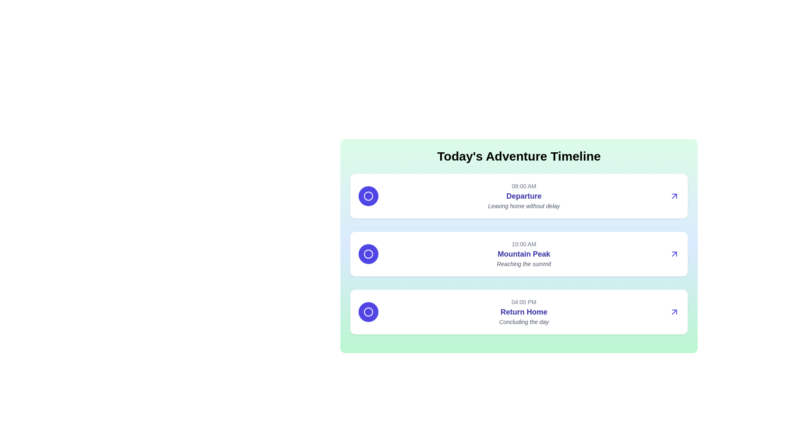  I want to click on the title text label for the timeline entry, which is positioned centrally beneath '04:00 PM' and above 'Concluding the day', so click(523, 312).